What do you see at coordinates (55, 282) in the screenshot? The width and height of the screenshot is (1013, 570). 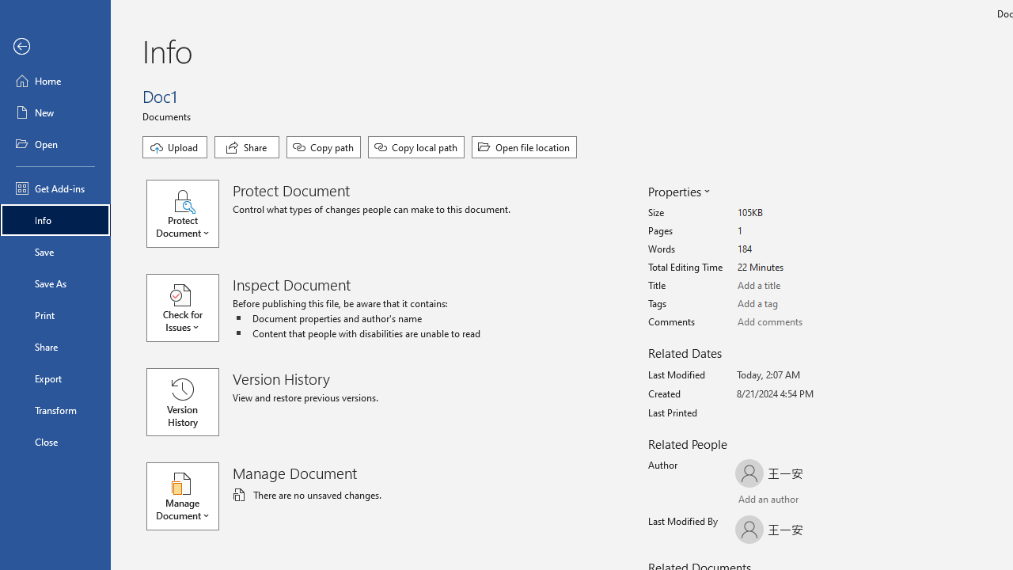 I see `'Save As'` at bounding box center [55, 282].